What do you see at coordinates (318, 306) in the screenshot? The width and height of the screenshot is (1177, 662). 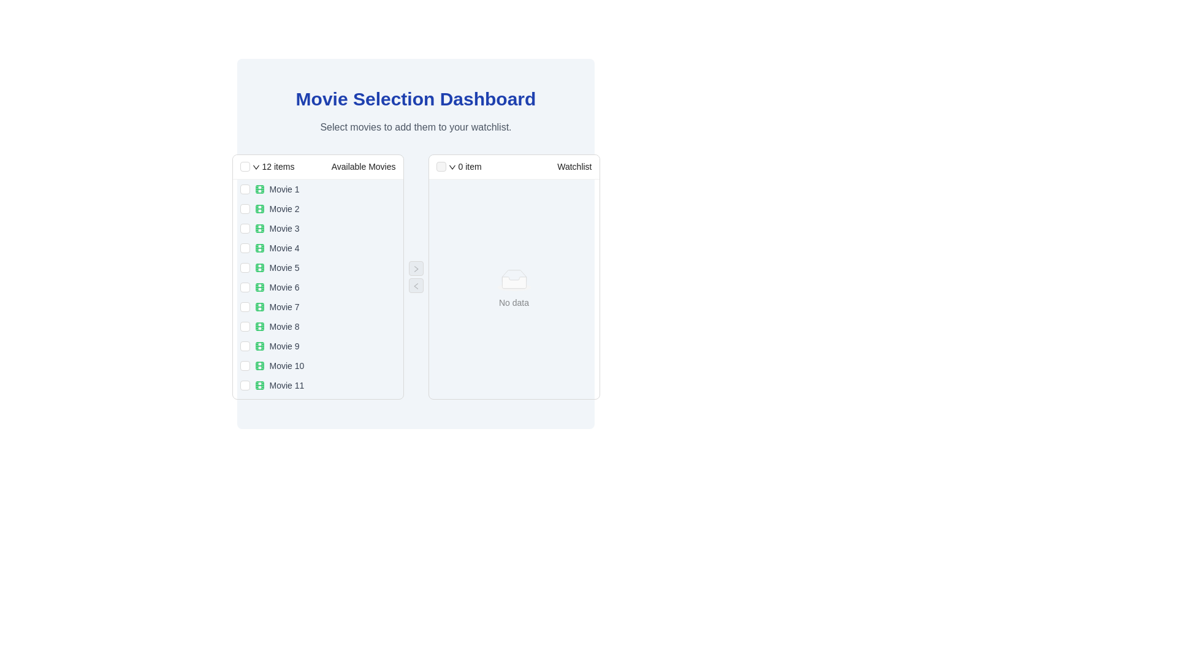 I see `the seventh item in the 'Available Movies' list on the 'Movie Selection Dashboard' using keyboard focus` at bounding box center [318, 306].